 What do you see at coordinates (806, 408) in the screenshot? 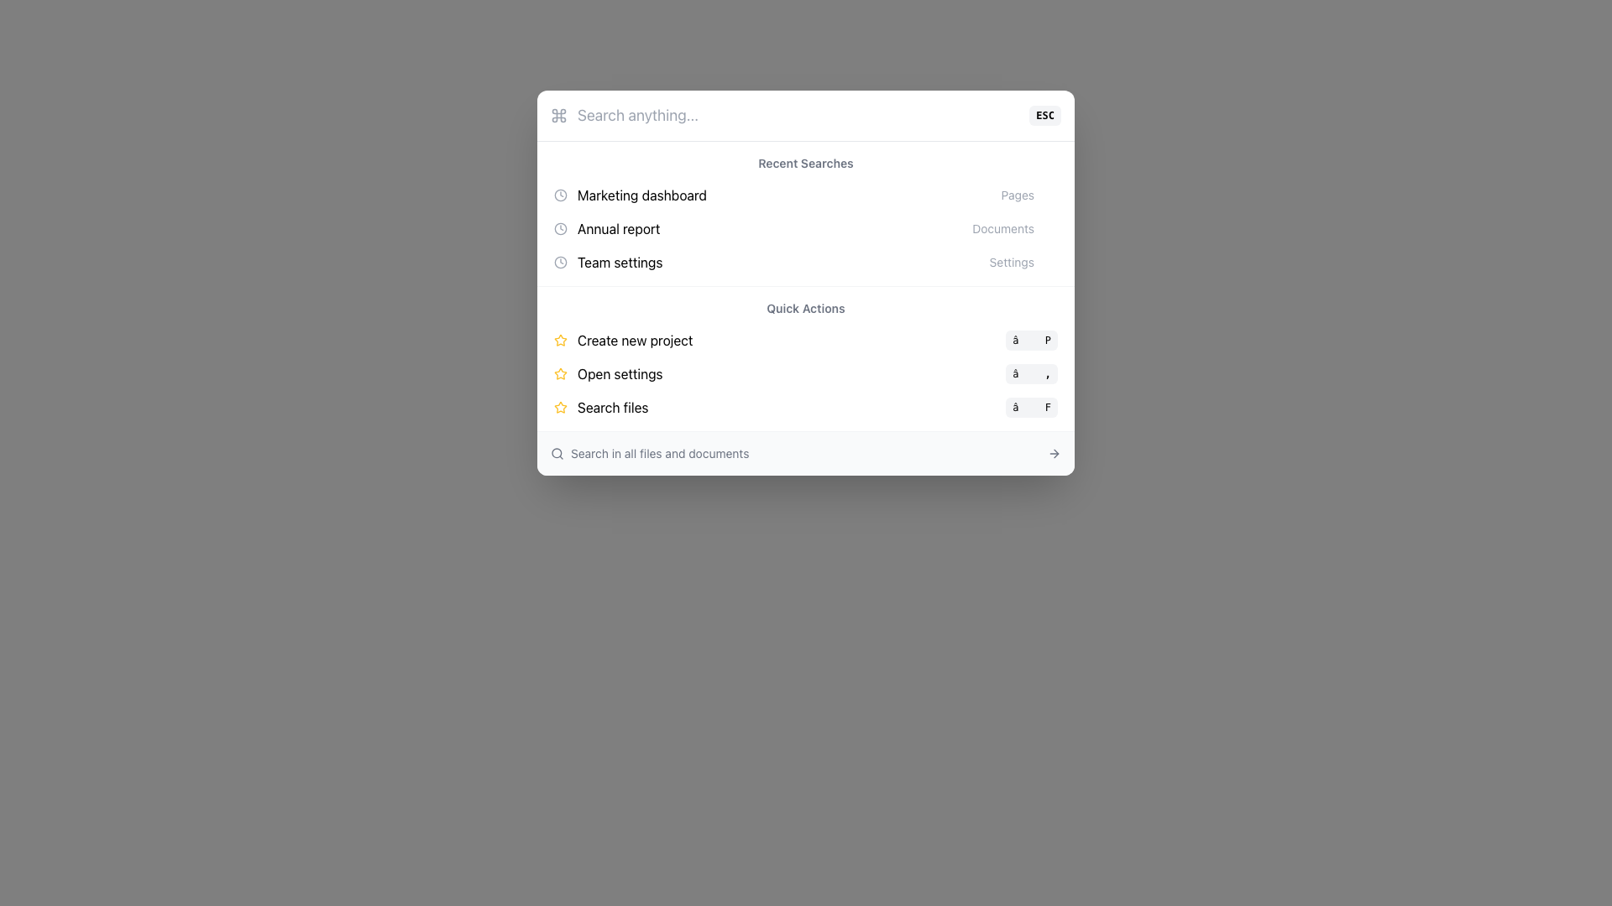
I see `the third interactive button in the 'Quick Actions' section` at bounding box center [806, 408].